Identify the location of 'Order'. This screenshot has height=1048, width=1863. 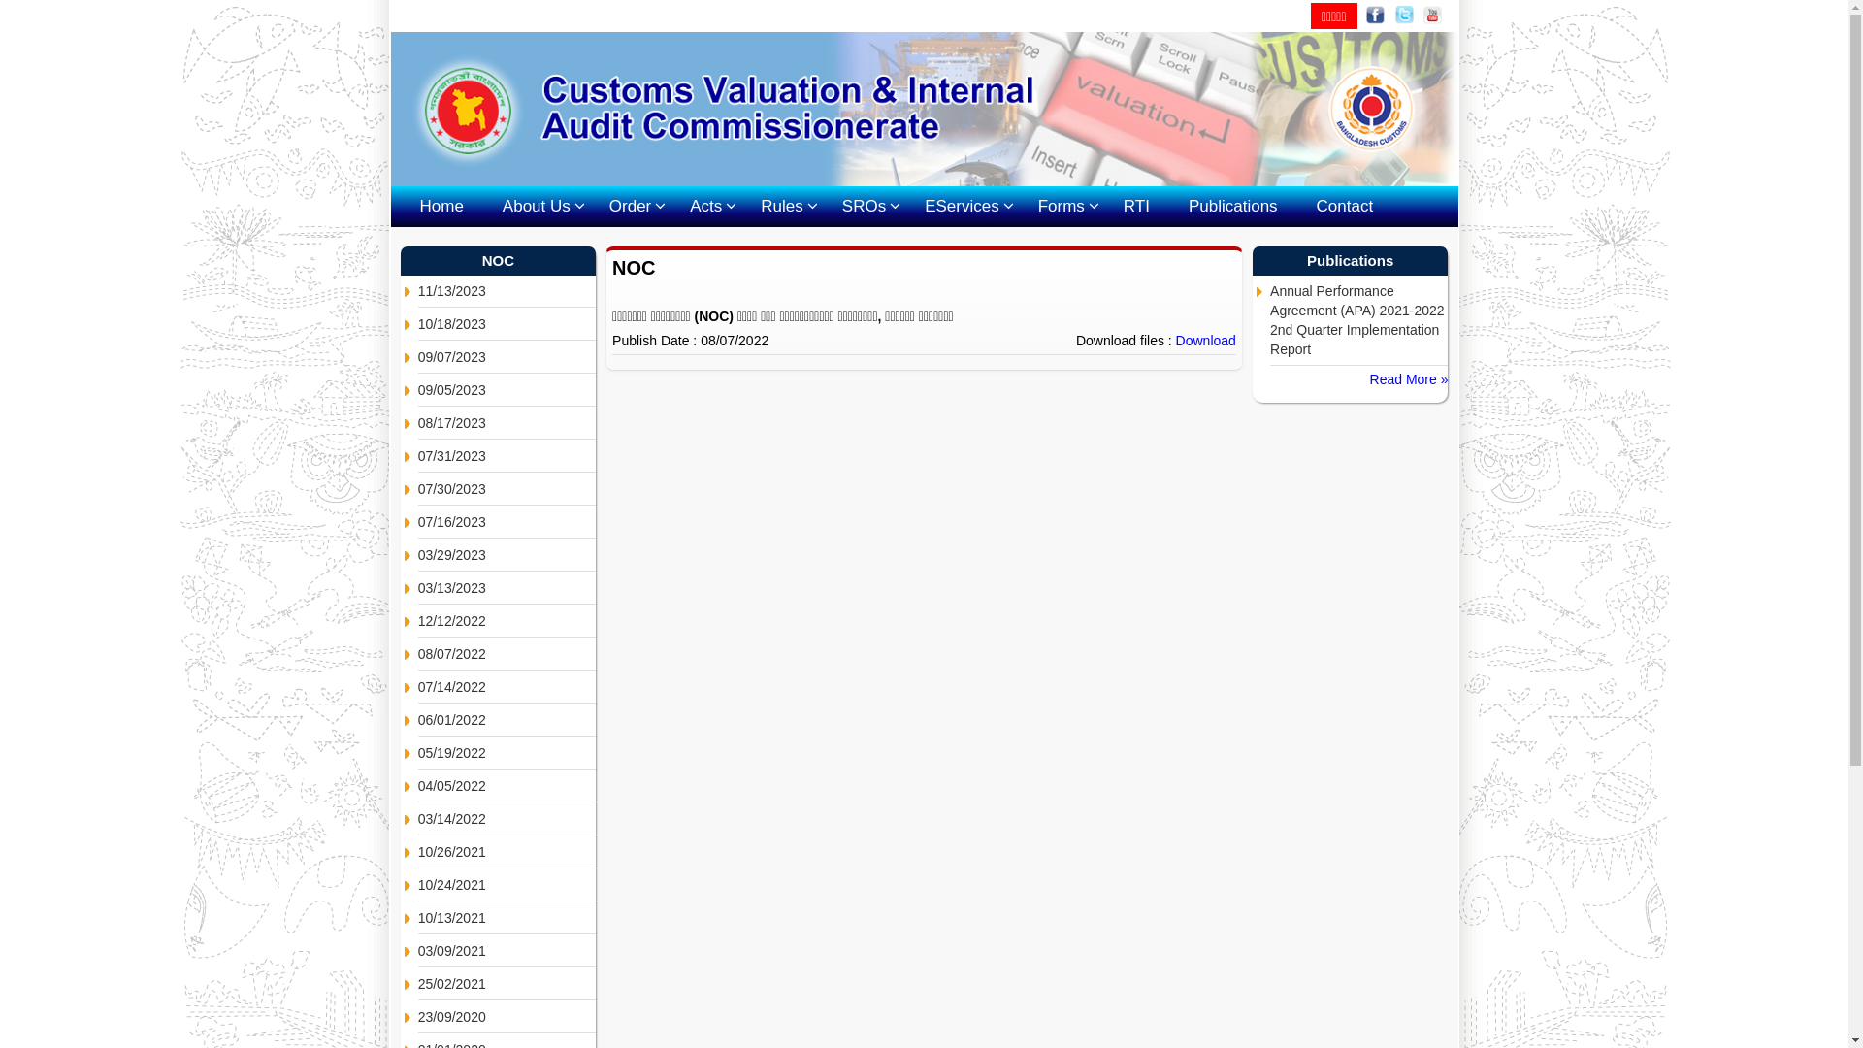
(630, 206).